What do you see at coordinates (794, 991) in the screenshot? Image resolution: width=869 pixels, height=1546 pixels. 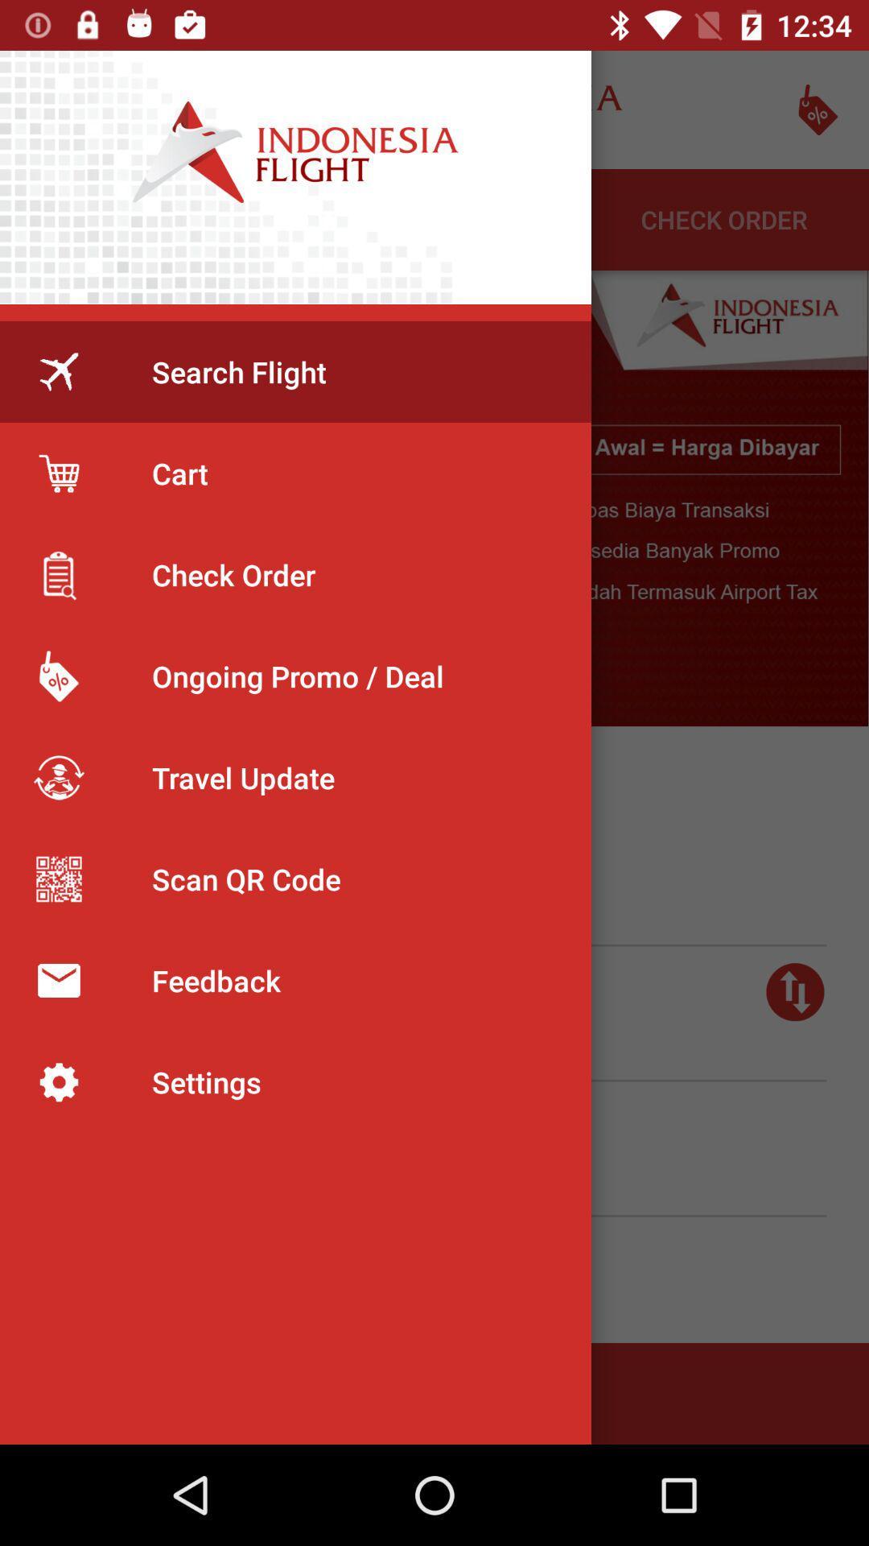 I see `the compare icon` at bounding box center [794, 991].